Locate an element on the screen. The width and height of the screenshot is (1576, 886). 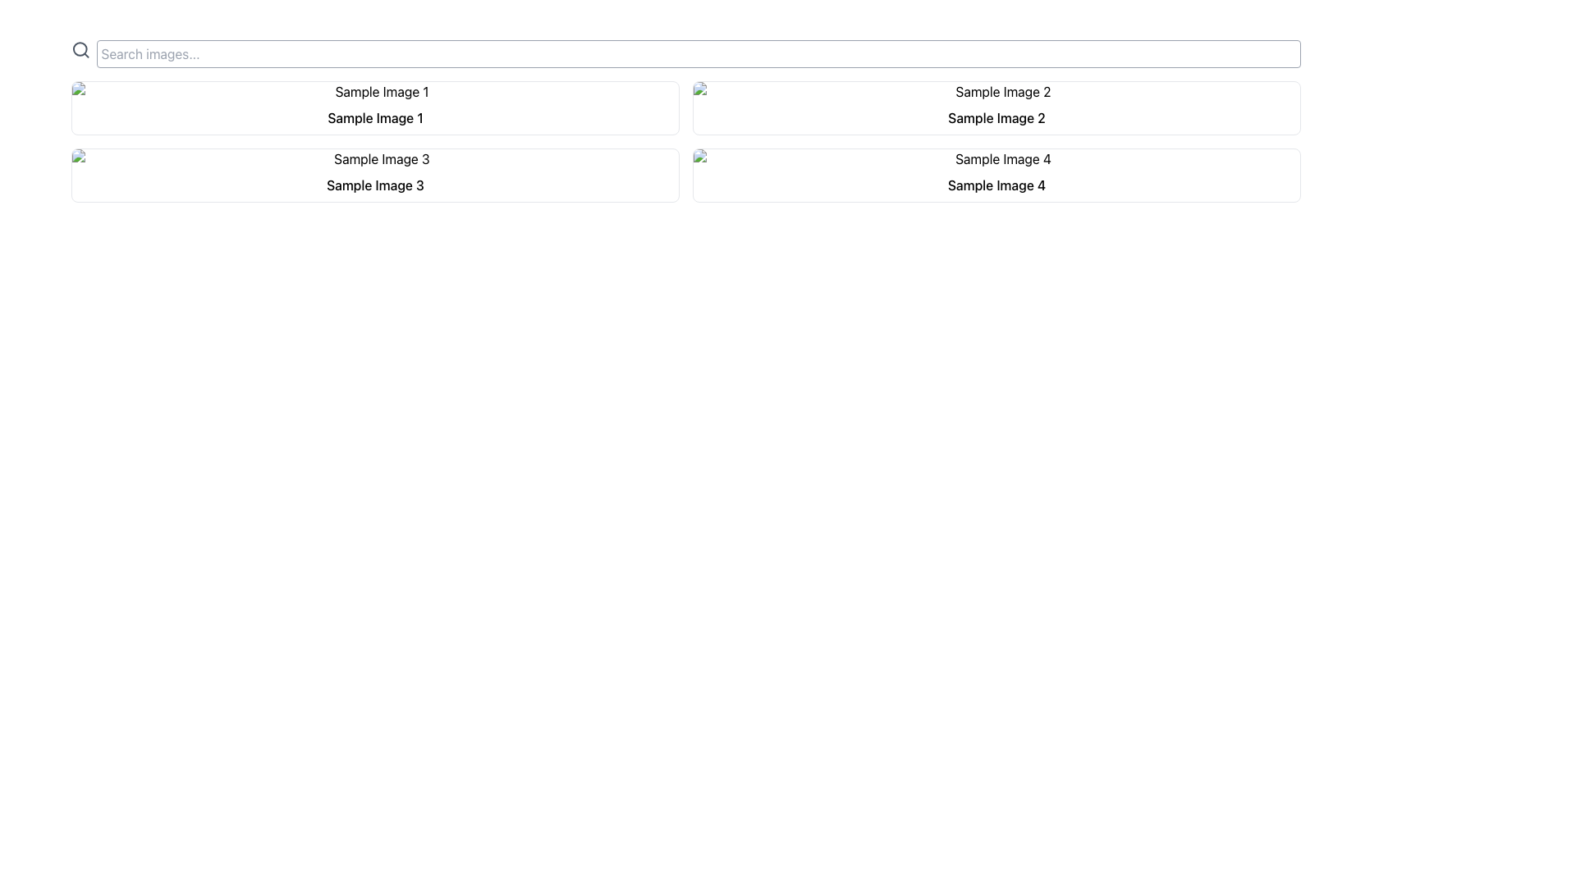
the image labeled 'Sample Image 4' which is located at the top of a card in the second column of the second row in a grid layout is located at coordinates (996, 158).